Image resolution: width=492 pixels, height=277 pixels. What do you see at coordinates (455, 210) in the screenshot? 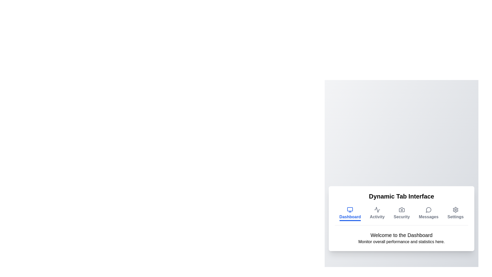
I see `the gear icon button for settings, which is the fifth icon from the left under the 'Settings' label` at bounding box center [455, 210].